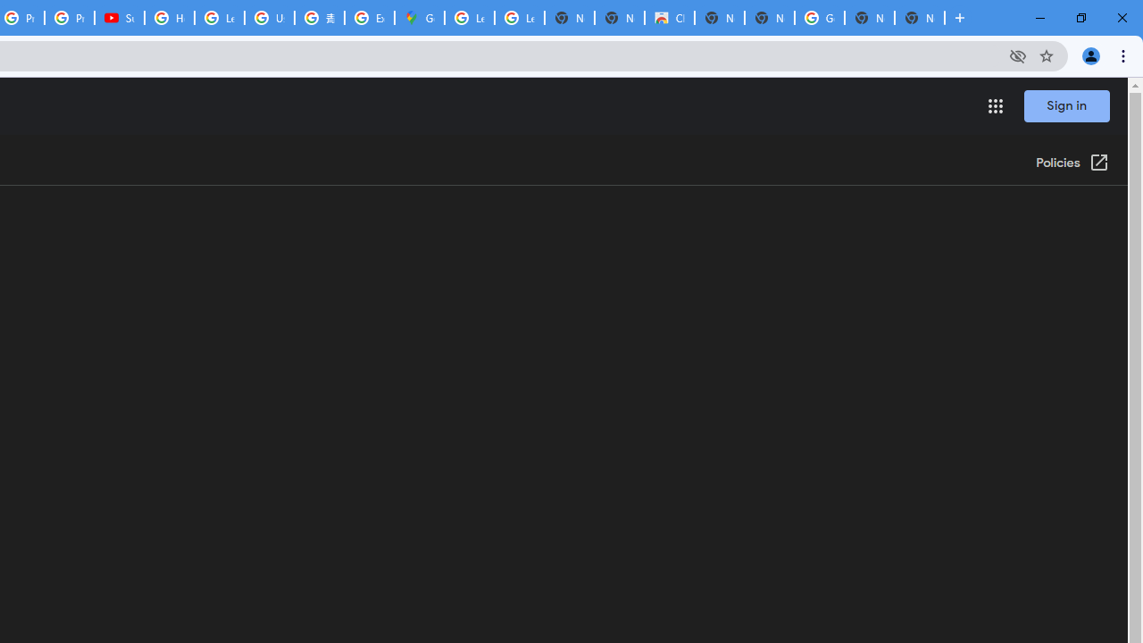 The image size is (1143, 643). I want to click on 'Google Maps', so click(418, 18).